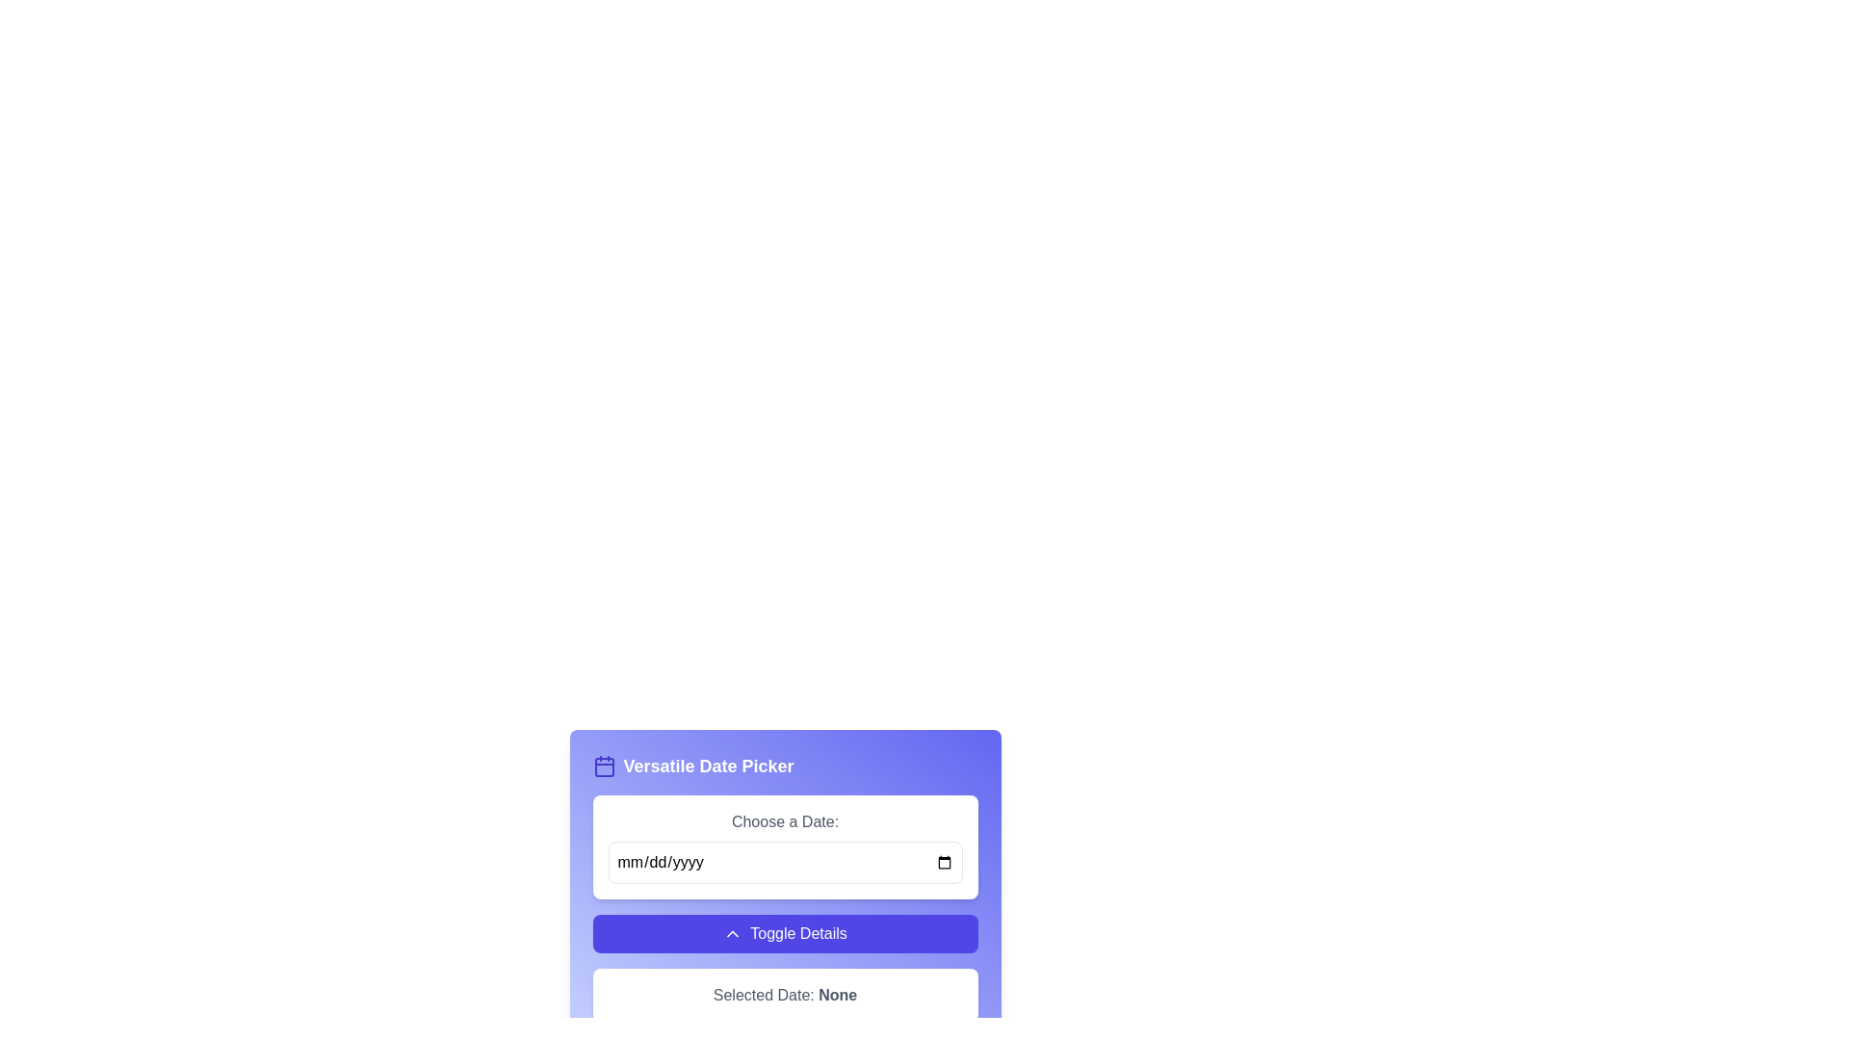 The width and height of the screenshot is (1849, 1040). I want to click on the decorative element with a light purple rectangular shape that is part of the calendar icon located in the top-left corner of the 'Versatile Date Picker' section, so click(603, 767).